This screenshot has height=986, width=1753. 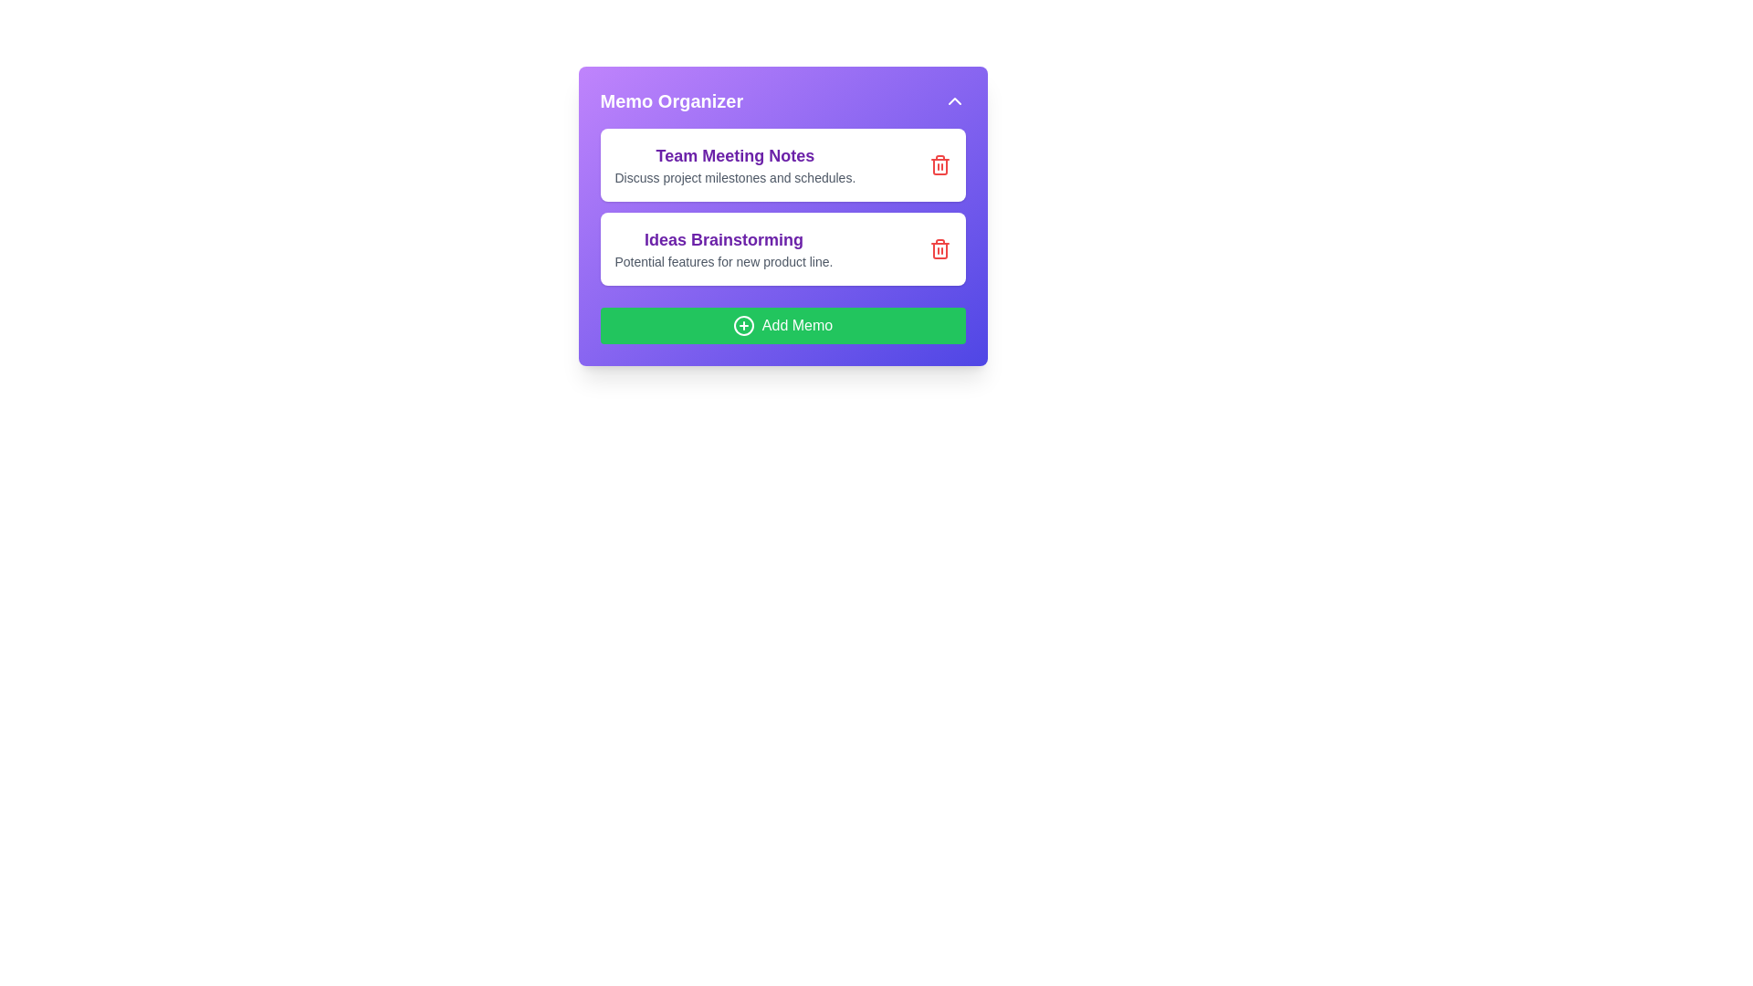 What do you see at coordinates (939, 249) in the screenshot?
I see `delete button for the memo titled 'Ideas Brainstorming'` at bounding box center [939, 249].